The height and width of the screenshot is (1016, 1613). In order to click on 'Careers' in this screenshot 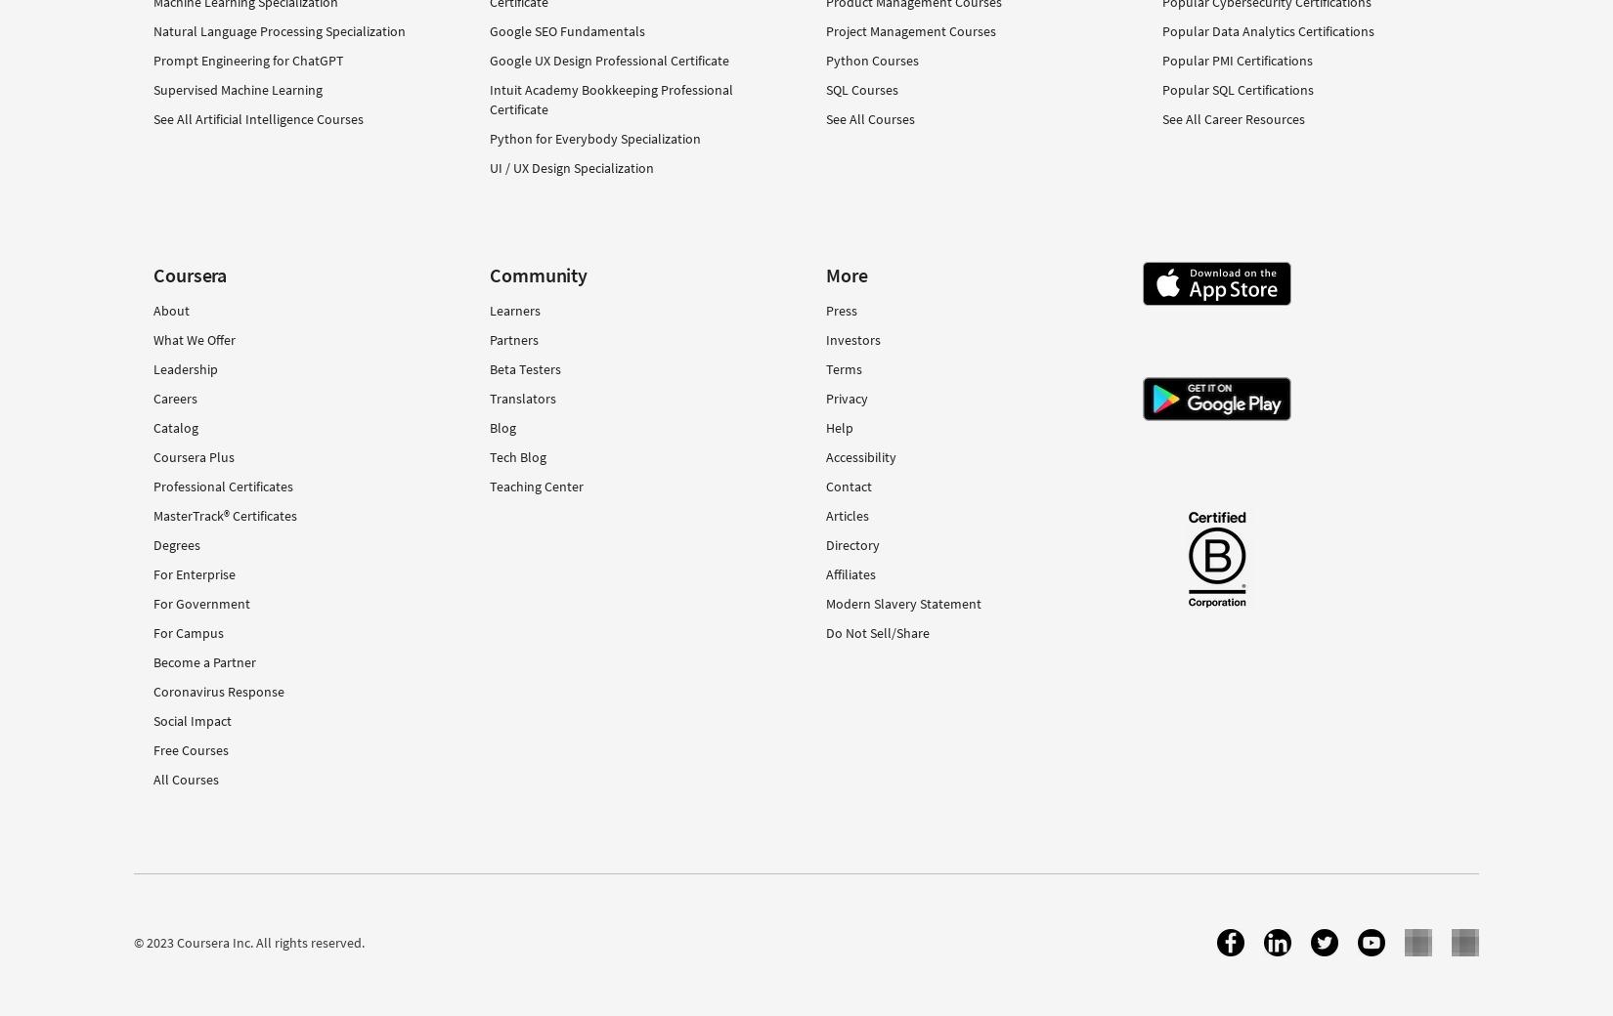, I will do `click(175, 397)`.